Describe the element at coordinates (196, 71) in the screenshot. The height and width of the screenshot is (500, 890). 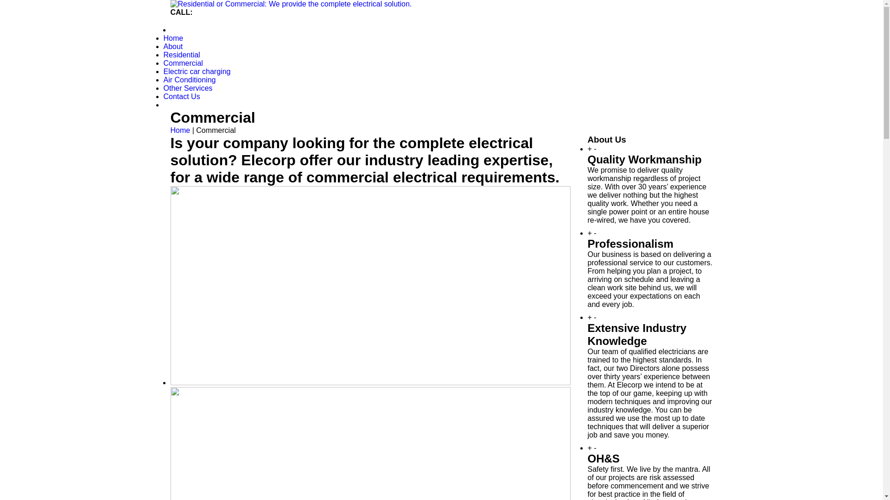
I see `'Electric car charging'` at that location.